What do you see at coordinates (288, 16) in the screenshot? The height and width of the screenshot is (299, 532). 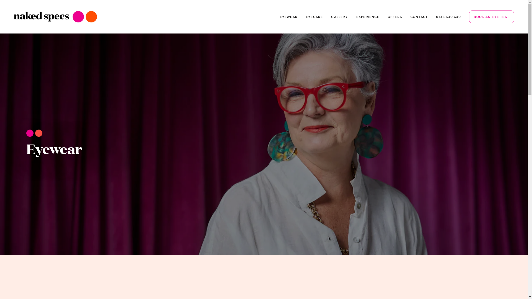 I see `'EYEWEAR'` at bounding box center [288, 16].